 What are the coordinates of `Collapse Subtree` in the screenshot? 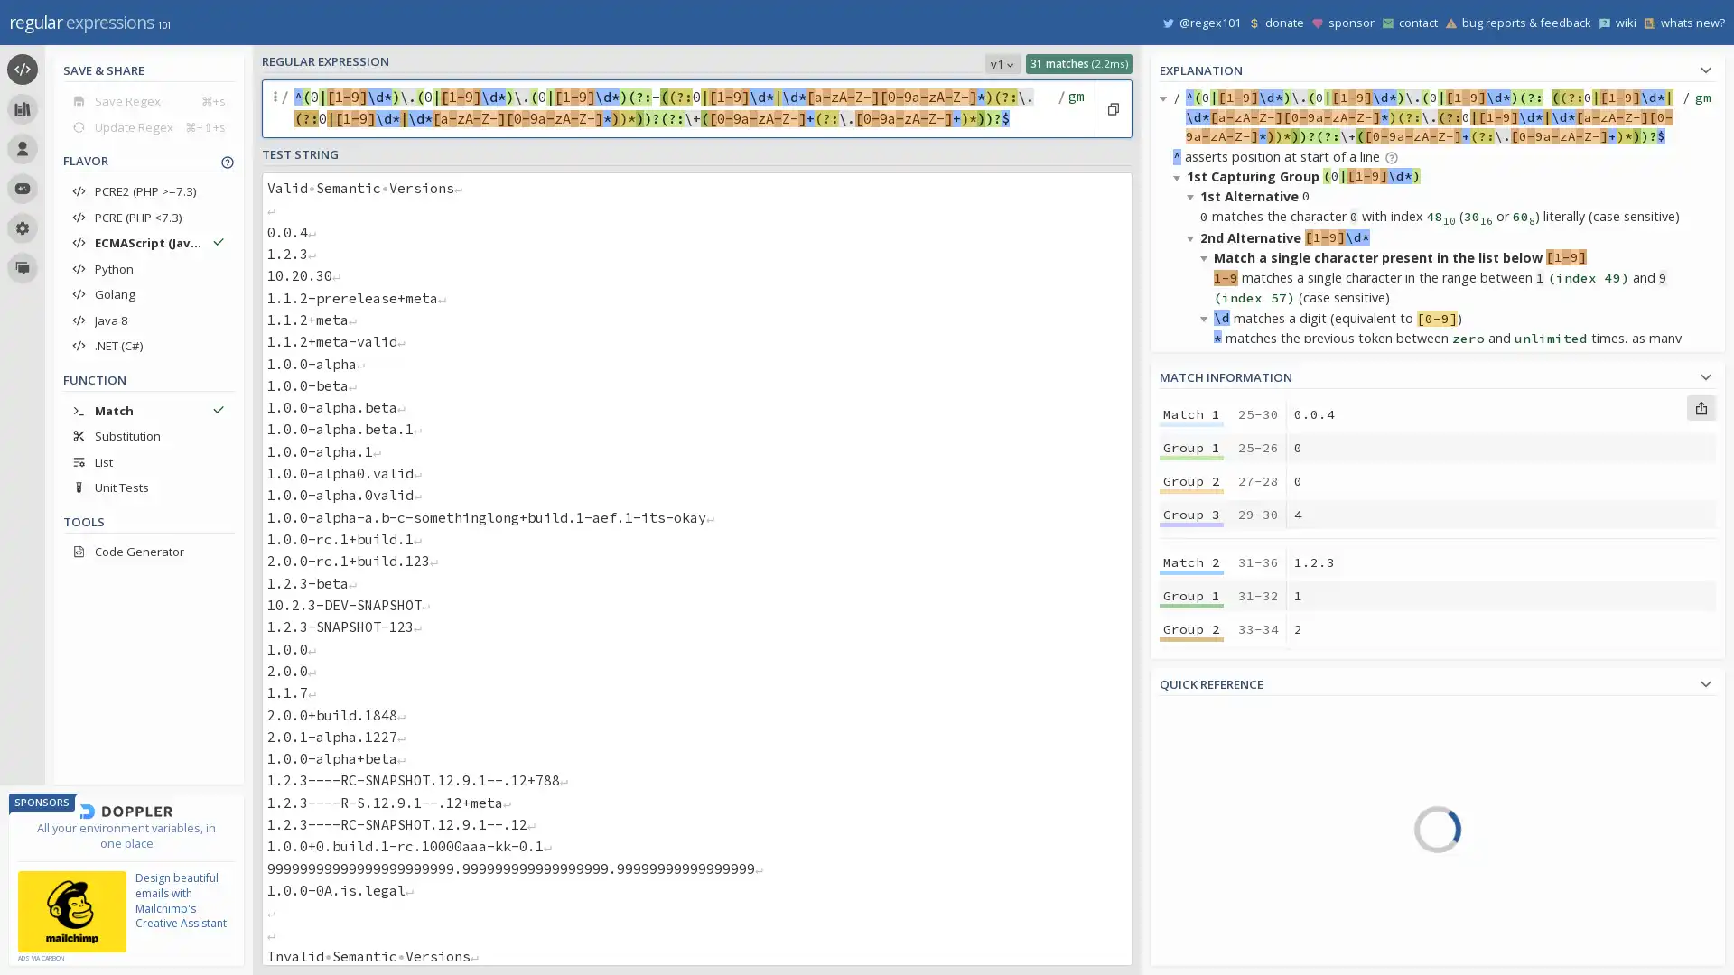 It's located at (1179, 177).